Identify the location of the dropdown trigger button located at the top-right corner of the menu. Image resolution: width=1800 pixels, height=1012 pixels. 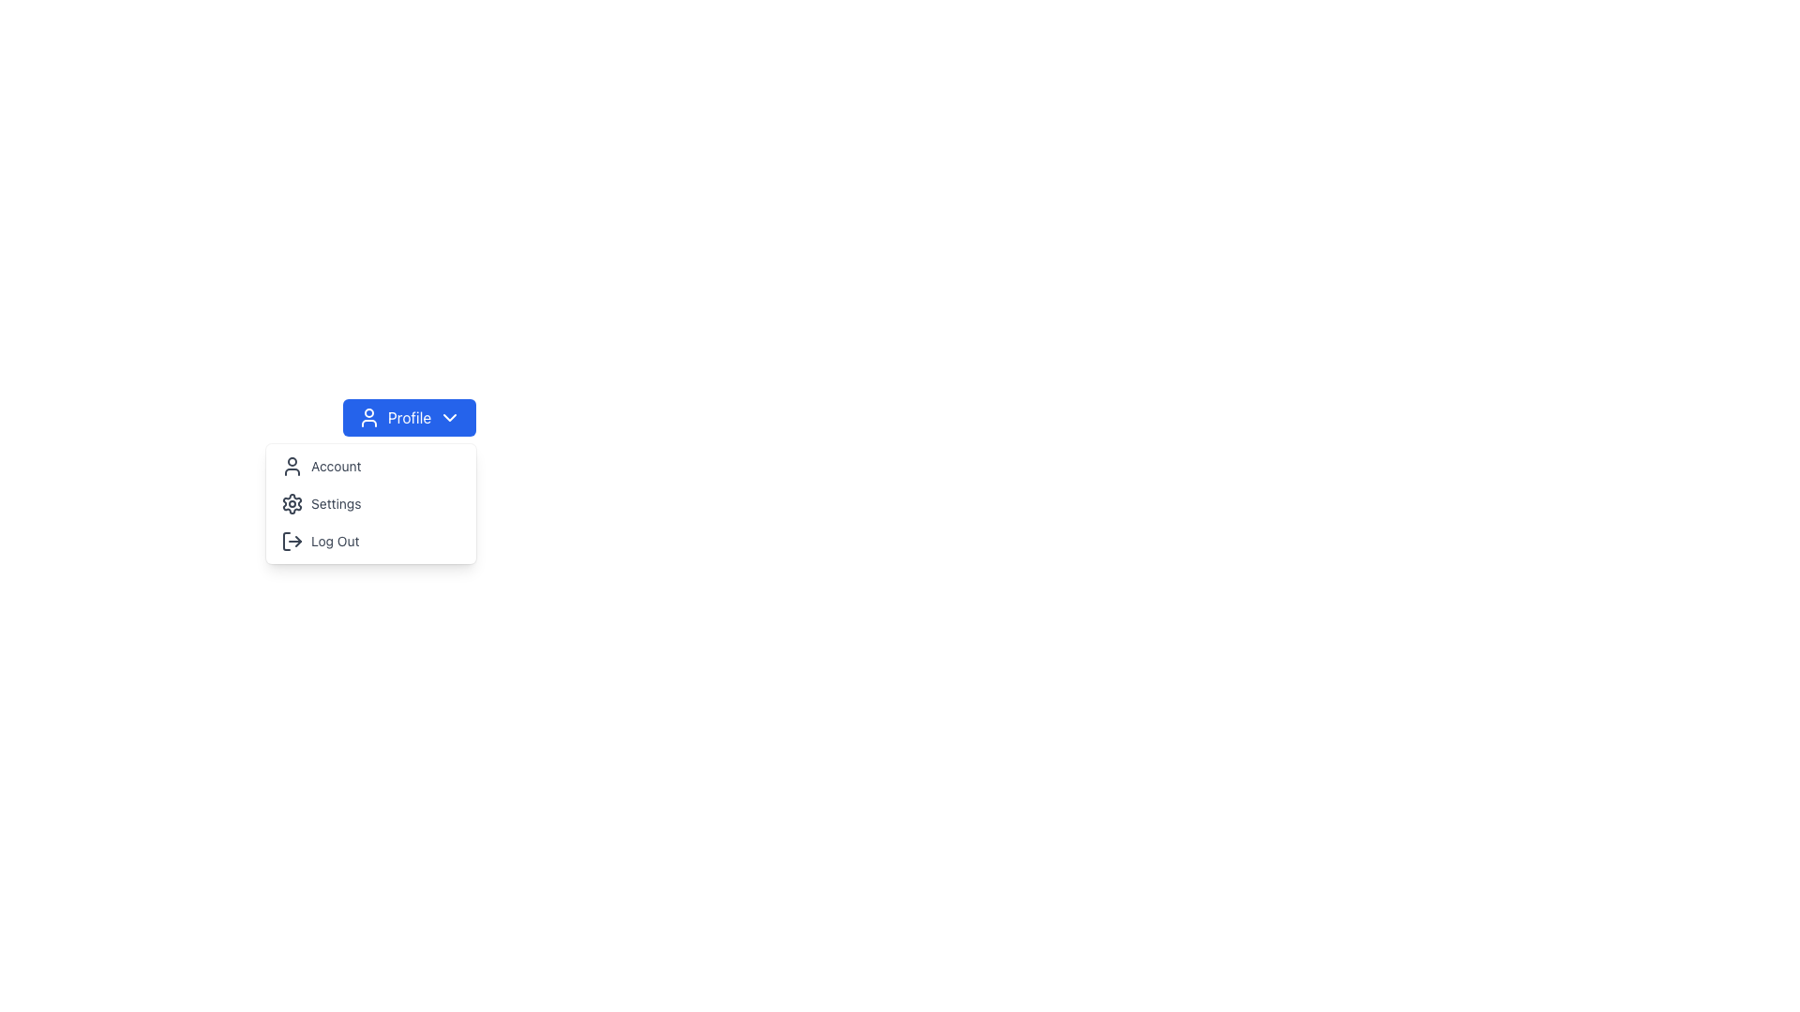
(408, 417).